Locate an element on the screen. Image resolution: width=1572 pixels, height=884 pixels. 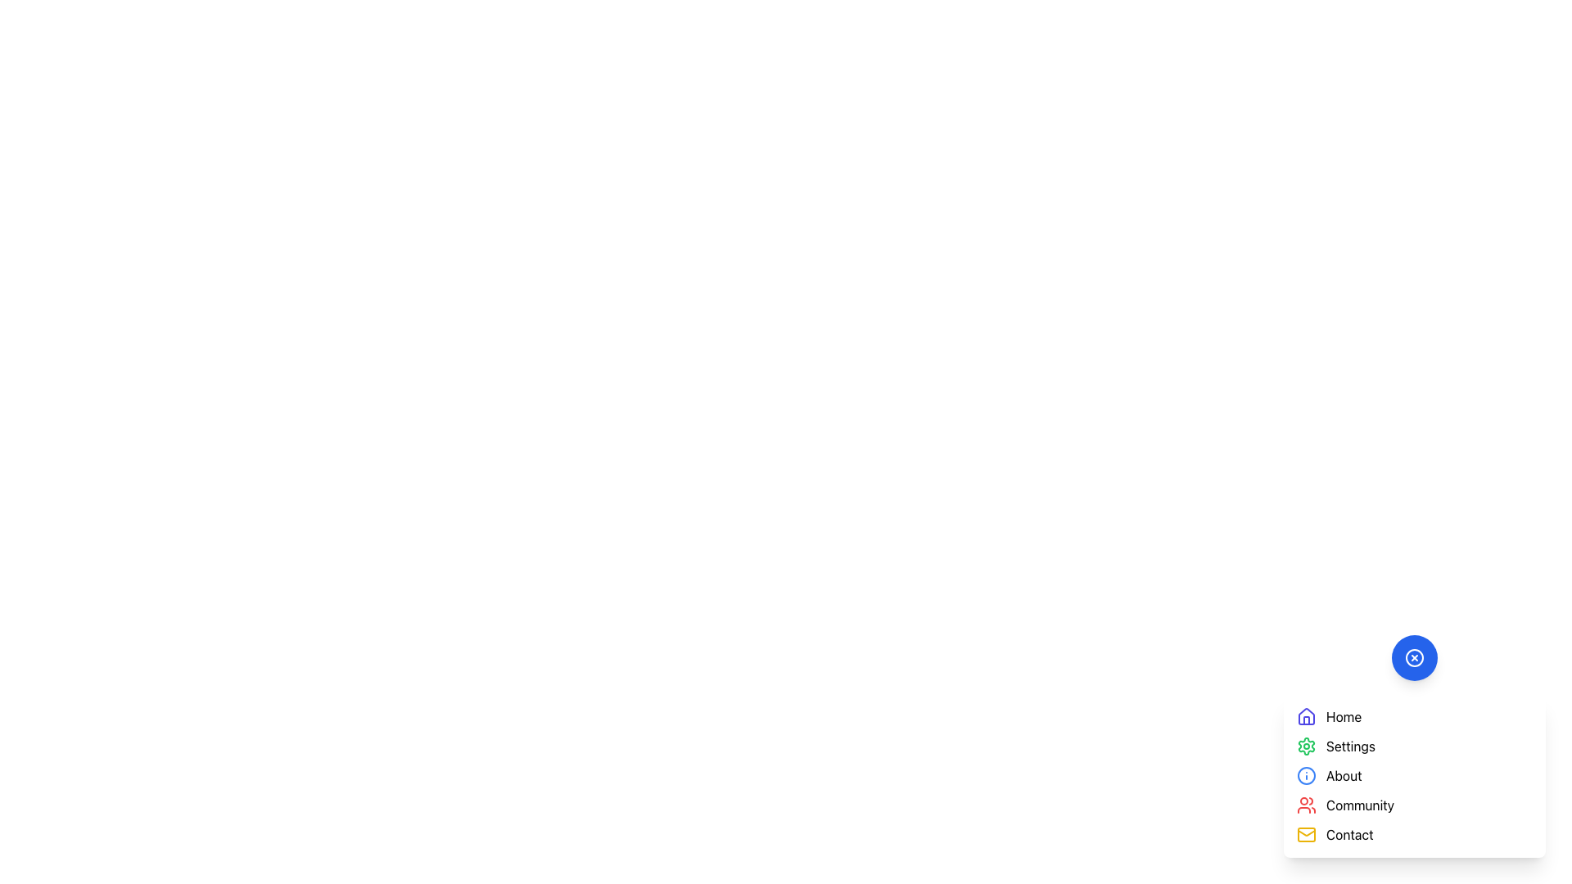
the descriptive text label for community features, located between the 'About' and 'Contact' options in the menu stack is located at coordinates (1360, 804).